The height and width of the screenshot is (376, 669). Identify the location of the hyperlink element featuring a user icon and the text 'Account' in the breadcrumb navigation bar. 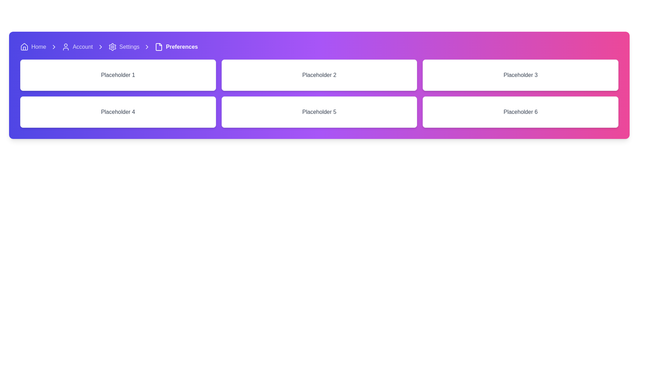
(77, 47).